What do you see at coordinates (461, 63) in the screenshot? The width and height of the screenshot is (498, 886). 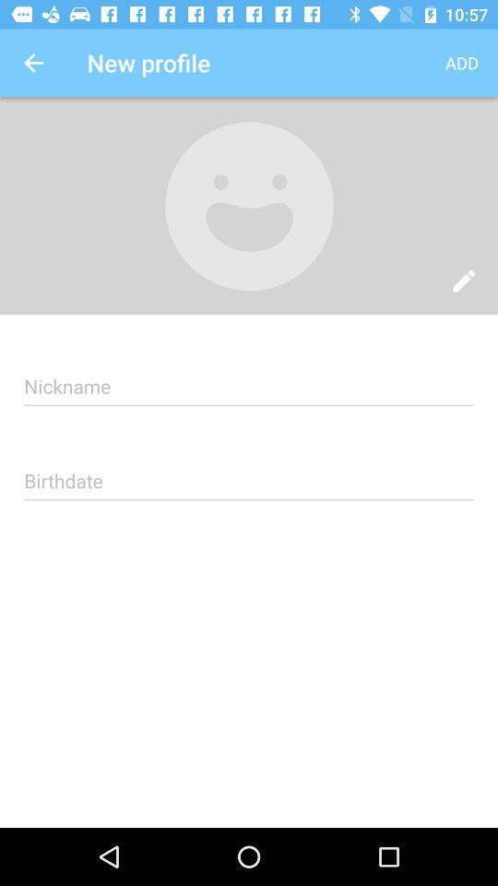 I see `the app next to new profile item` at bounding box center [461, 63].